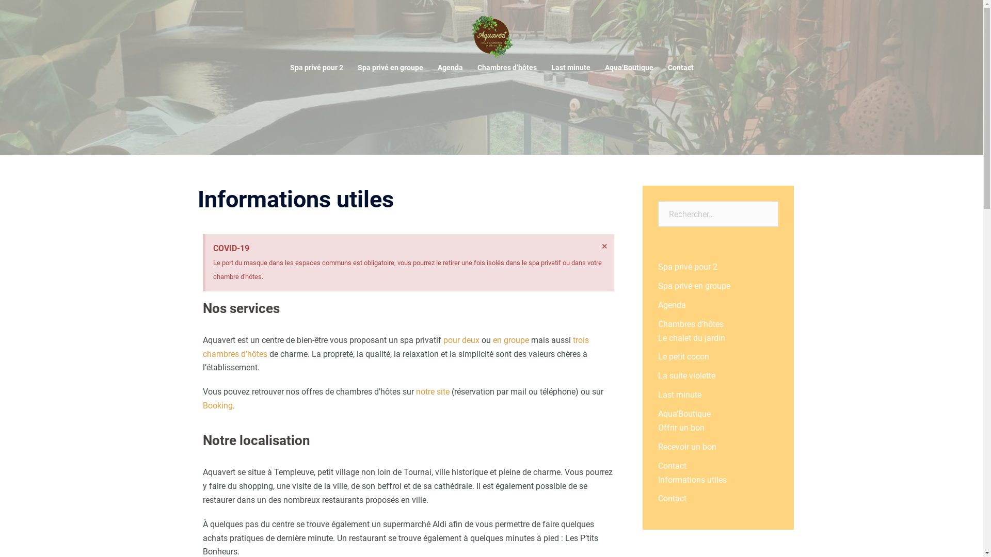 The width and height of the screenshot is (991, 557). Describe the element at coordinates (658, 446) in the screenshot. I see `'Recevoir un bon'` at that location.